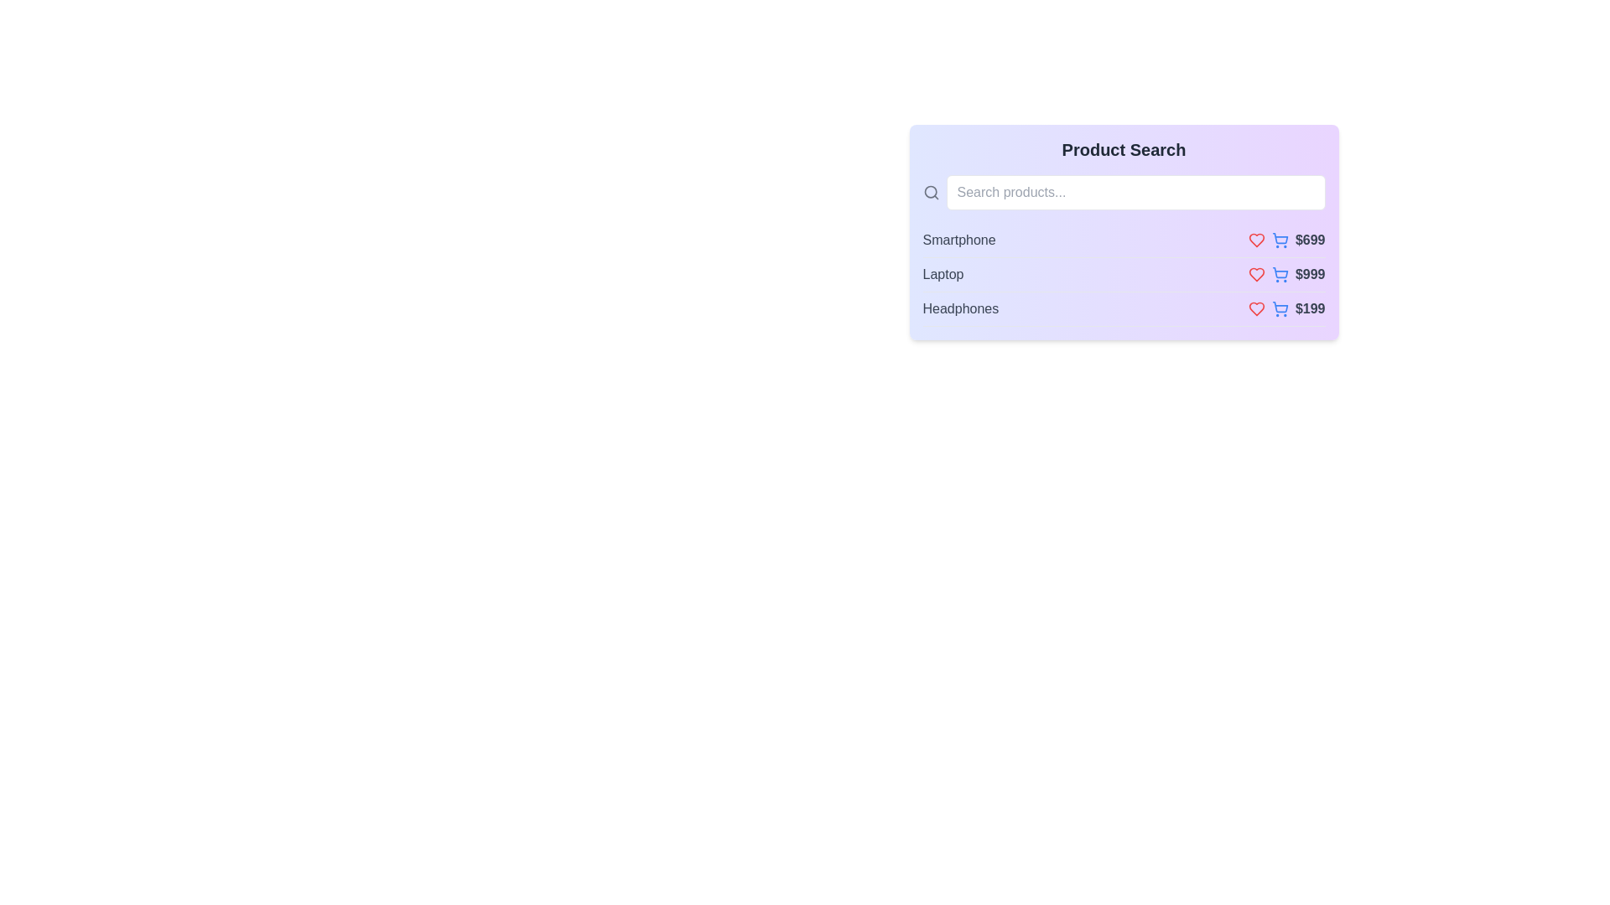 The image size is (1610, 905). I want to click on the decorative magnifying glass icon located inside the search bar adjacent to the text input field, so click(929, 191).